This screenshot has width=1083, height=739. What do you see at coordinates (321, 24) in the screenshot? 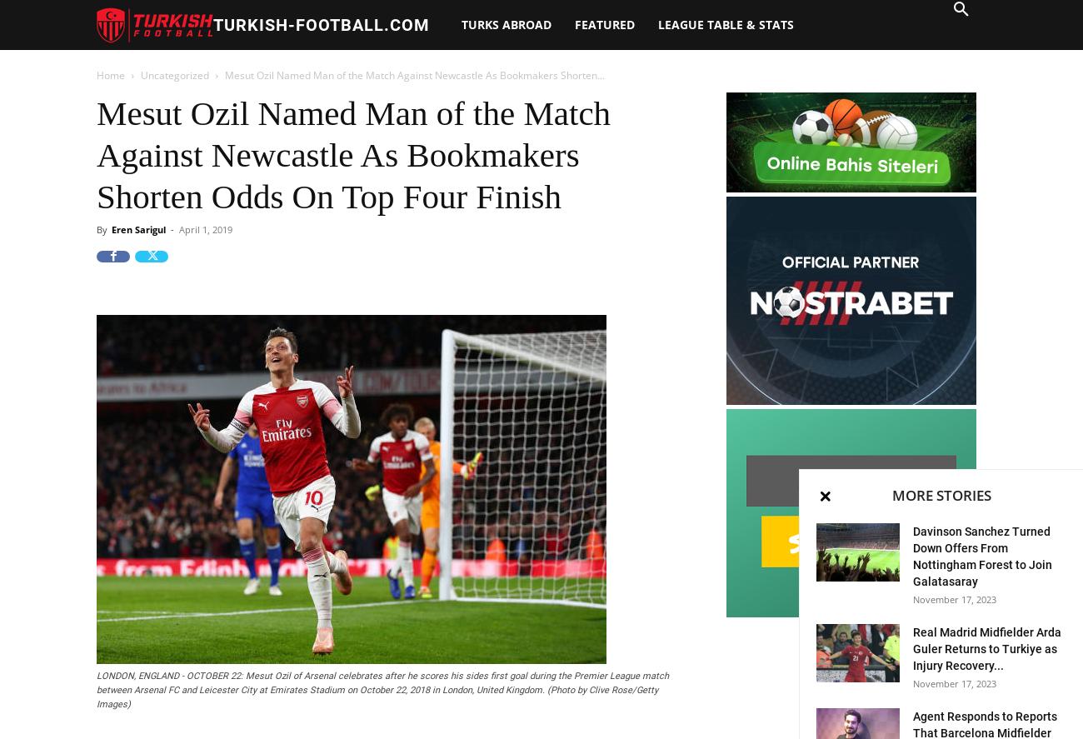
I see `'Turkish-Football.com'` at bounding box center [321, 24].